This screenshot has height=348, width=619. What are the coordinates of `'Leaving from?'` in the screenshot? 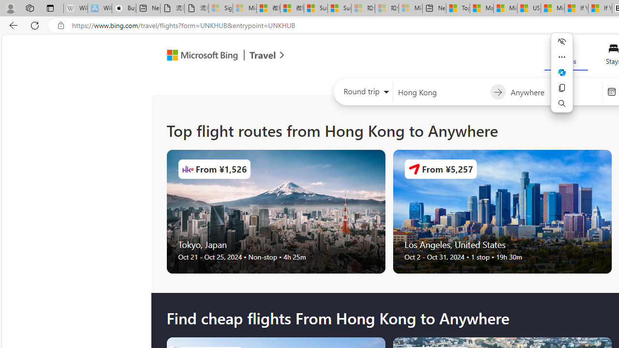 It's located at (441, 92).